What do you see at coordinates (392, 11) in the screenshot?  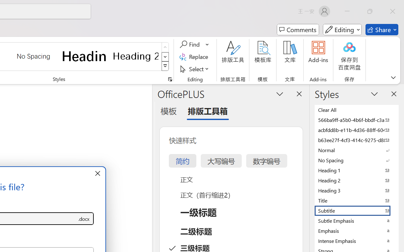 I see `'Close'` at bounding box center [392, 11].